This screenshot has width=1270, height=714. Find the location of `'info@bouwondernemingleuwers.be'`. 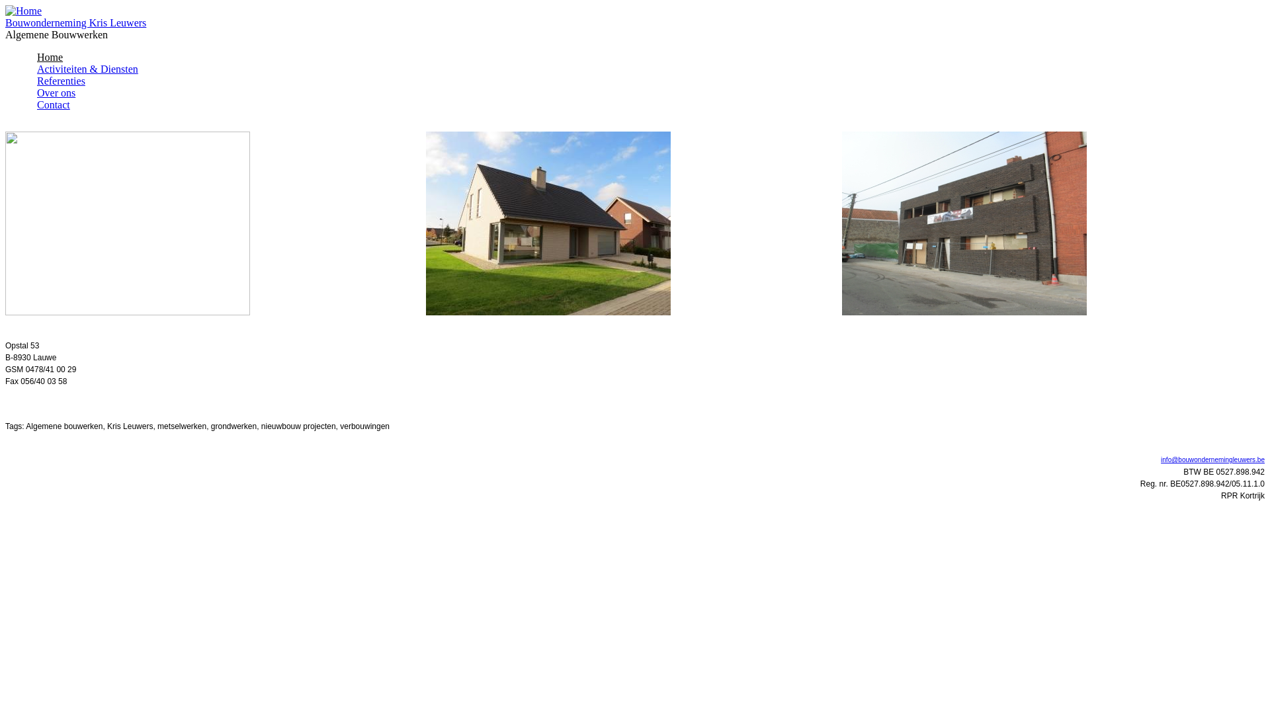

'info@bouwondernemingleuwers.be' is located at coordinates (1212, 459).